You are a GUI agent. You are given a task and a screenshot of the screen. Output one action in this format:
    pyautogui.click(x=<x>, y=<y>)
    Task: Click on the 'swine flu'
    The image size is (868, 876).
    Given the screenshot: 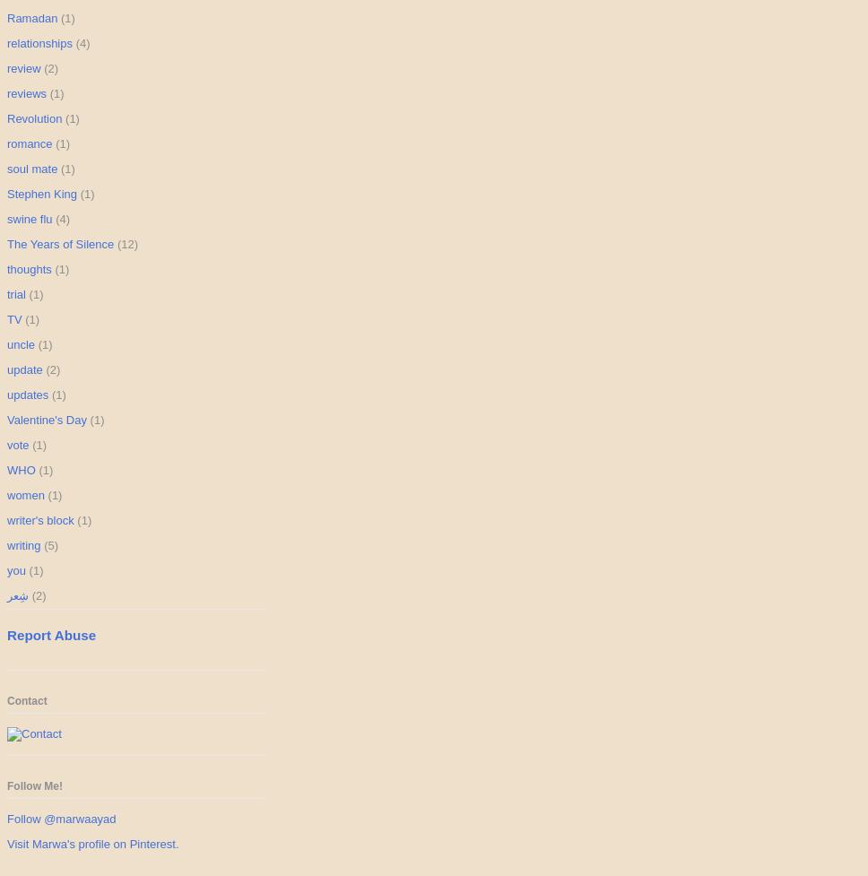 What is the action you would take?
    pyautogui.click(x=30, y=218)
    